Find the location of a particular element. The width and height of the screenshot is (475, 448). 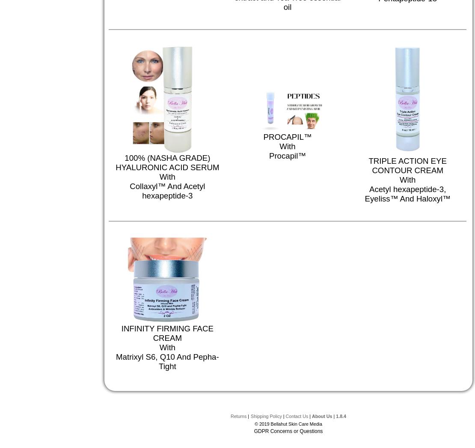

'TRIPLE ACTION EYE CONTOUR CREAM' is located at coordinates (407, 165).